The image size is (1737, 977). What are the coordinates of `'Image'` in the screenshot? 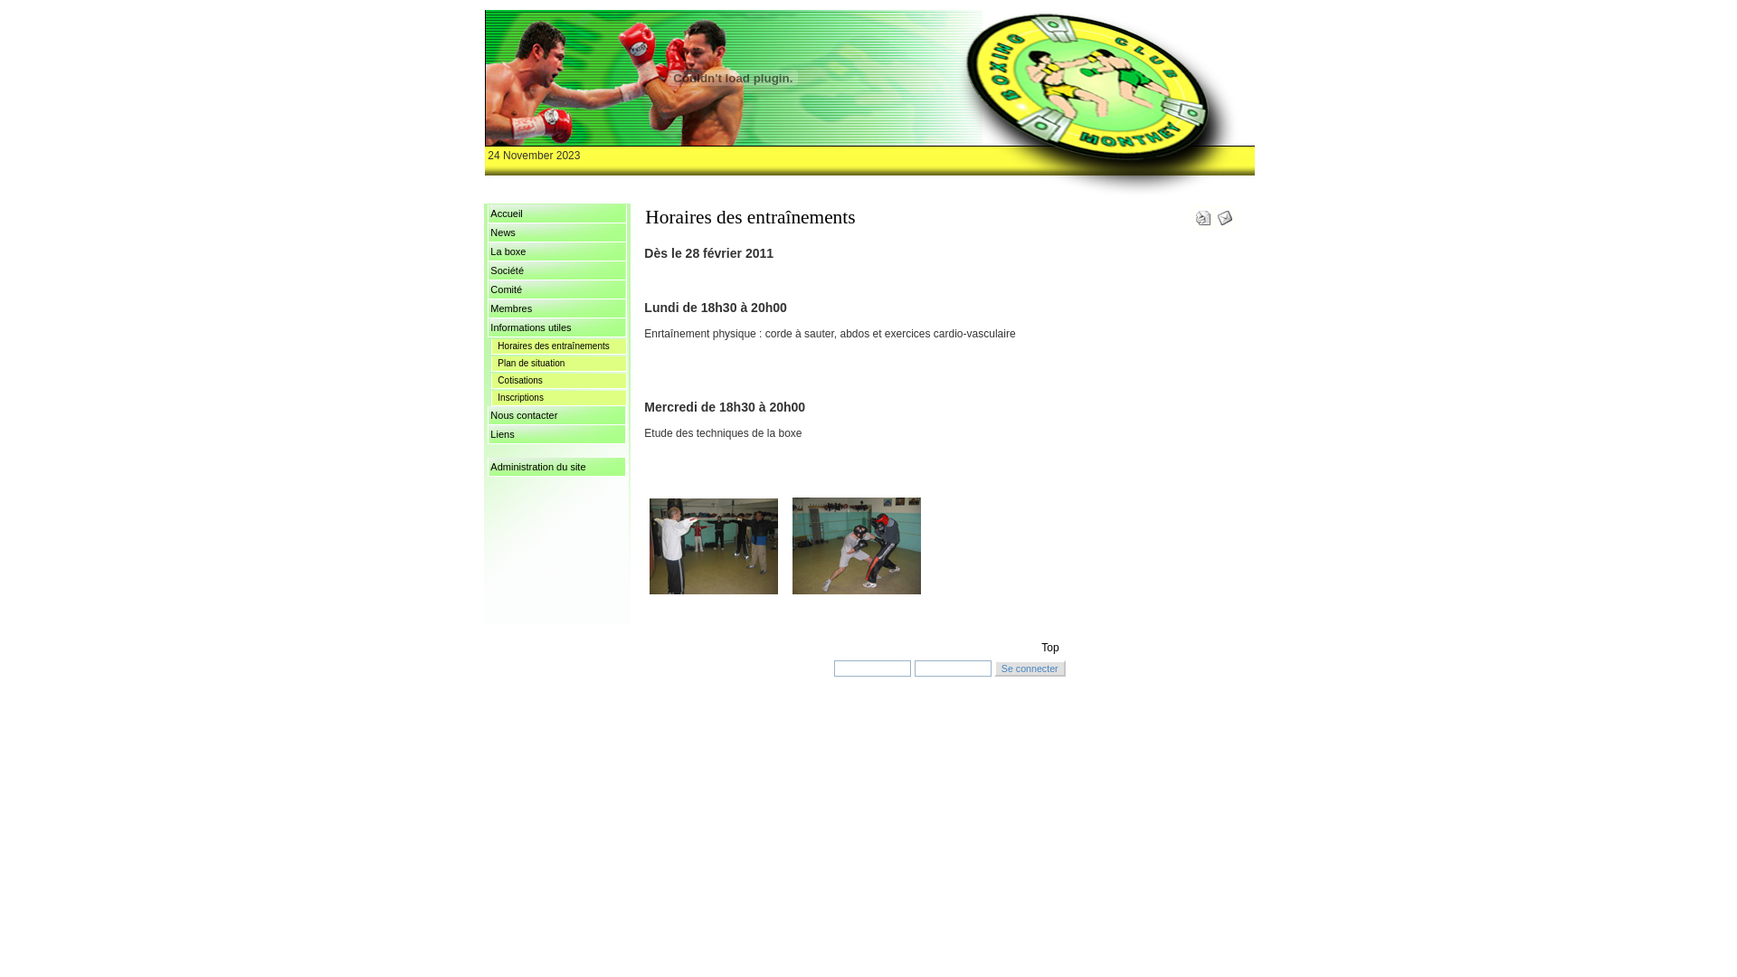 It's located at (712, 545).